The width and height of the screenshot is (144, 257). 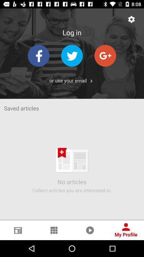 What do you see at coordinates (105, 56) in the screenshot?
I see `share to google+` at bounding box center [105, 56].